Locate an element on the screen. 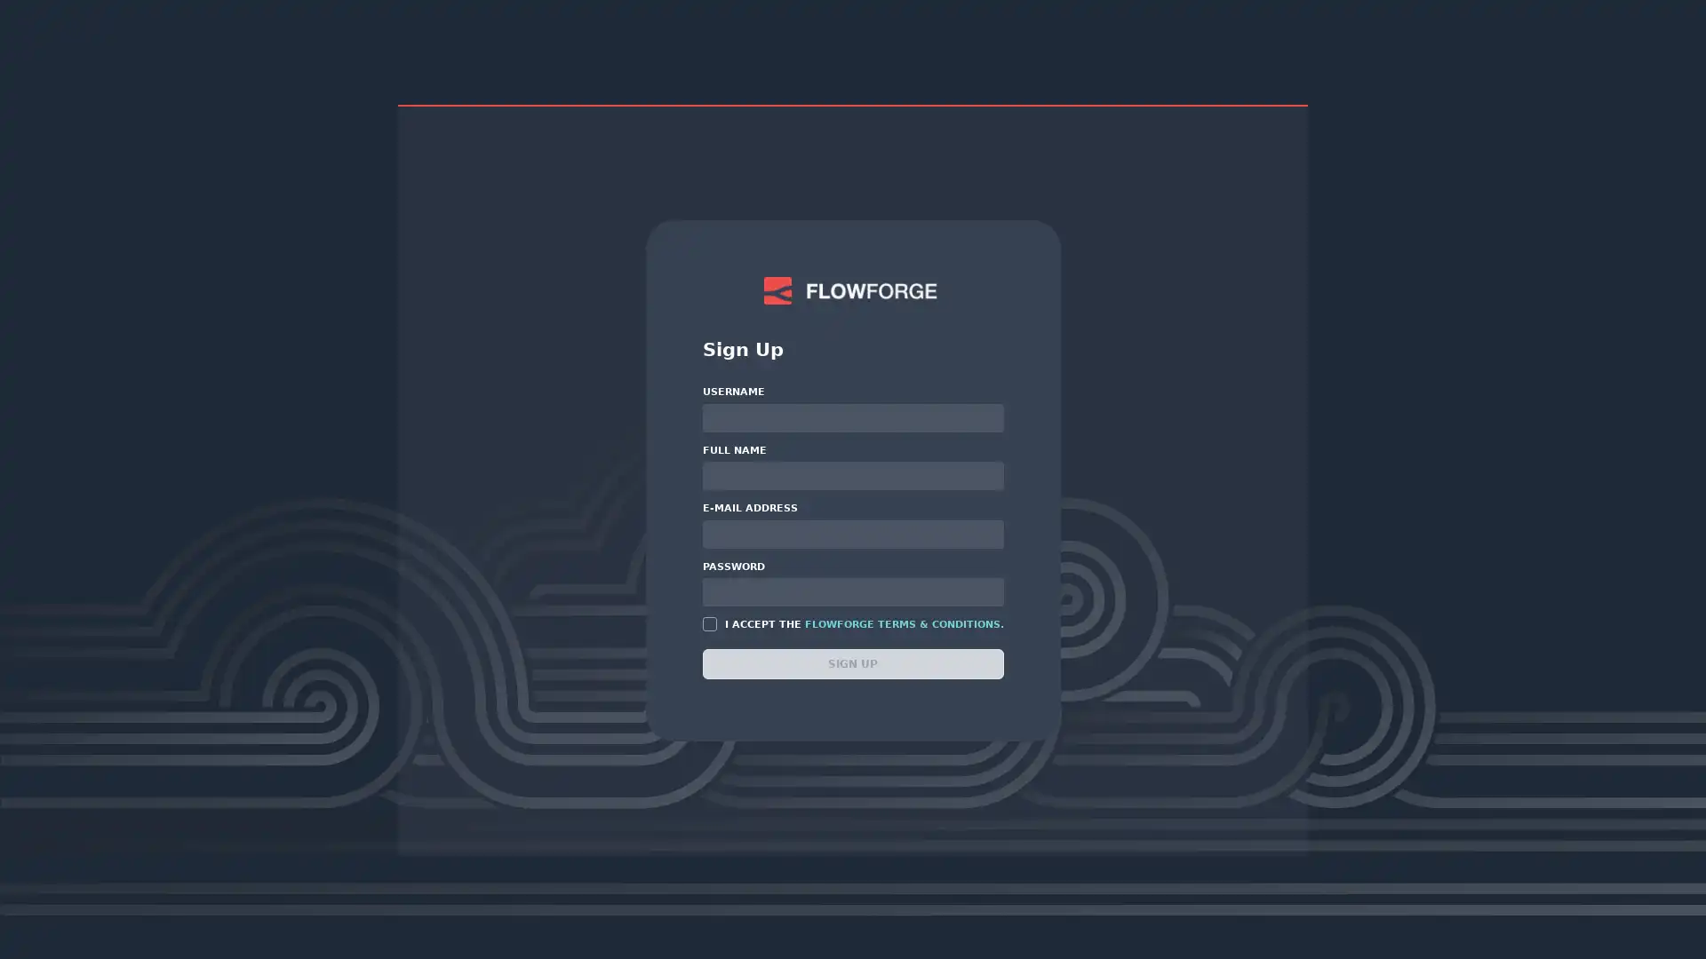 The image size is (1706, 959). SIGN UP is located at coordinates (851, 663).